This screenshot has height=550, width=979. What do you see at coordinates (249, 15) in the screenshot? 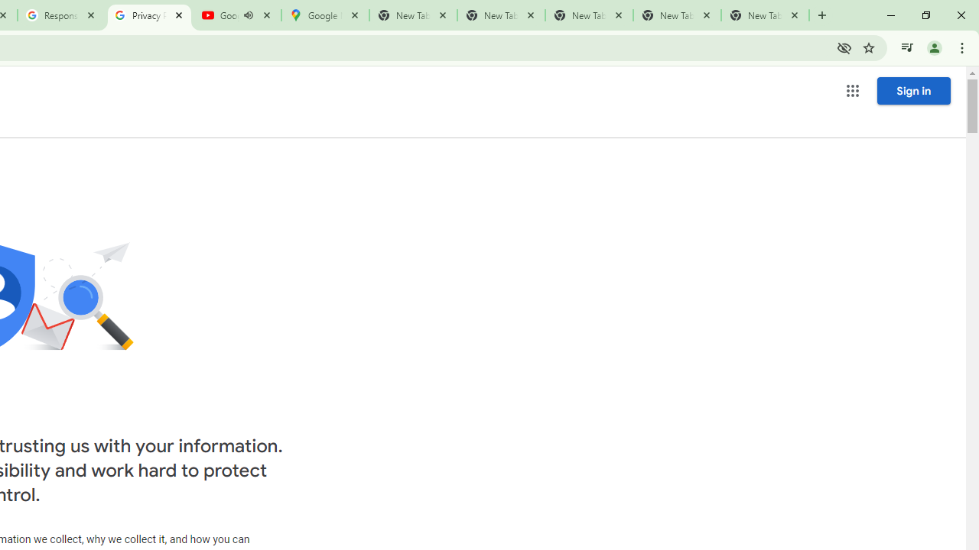
I see `'Mute tab'` at bounding box center [249, 15].